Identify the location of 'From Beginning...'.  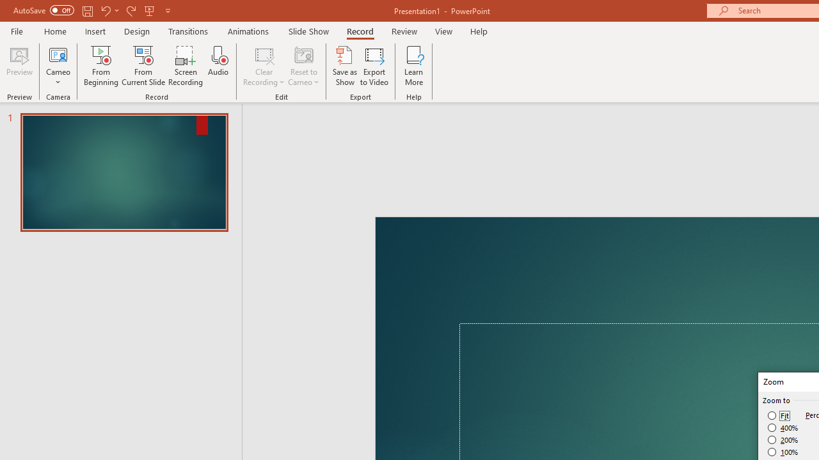
(100, 66).